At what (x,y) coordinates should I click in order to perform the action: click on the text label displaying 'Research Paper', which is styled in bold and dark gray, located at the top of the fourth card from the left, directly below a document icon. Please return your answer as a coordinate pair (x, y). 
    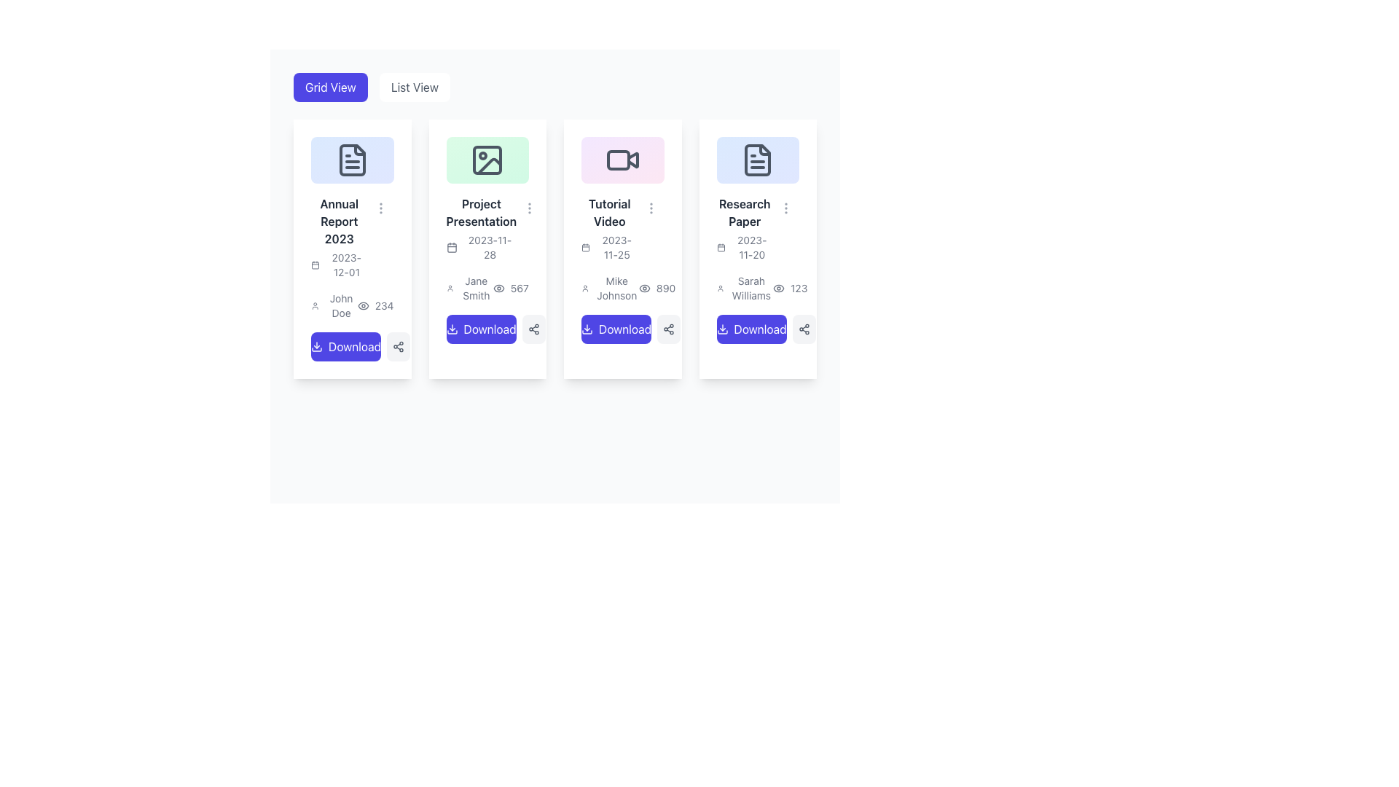
    Looking at the image, I should click on (745, 212).